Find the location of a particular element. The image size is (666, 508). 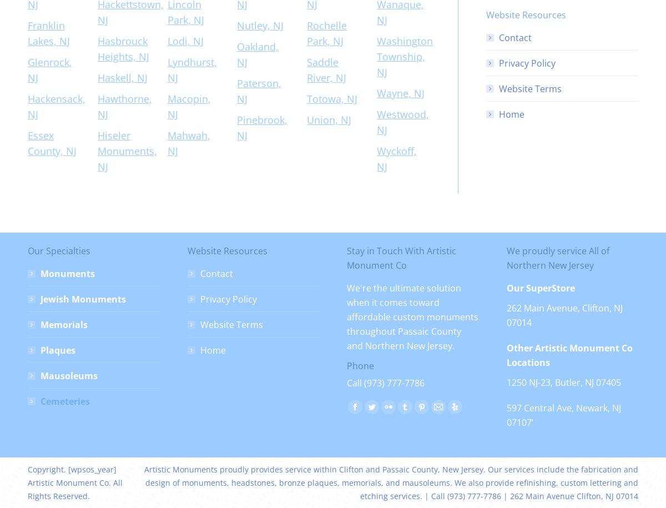

'Union, NJ' is located at coordinates (329, 120).